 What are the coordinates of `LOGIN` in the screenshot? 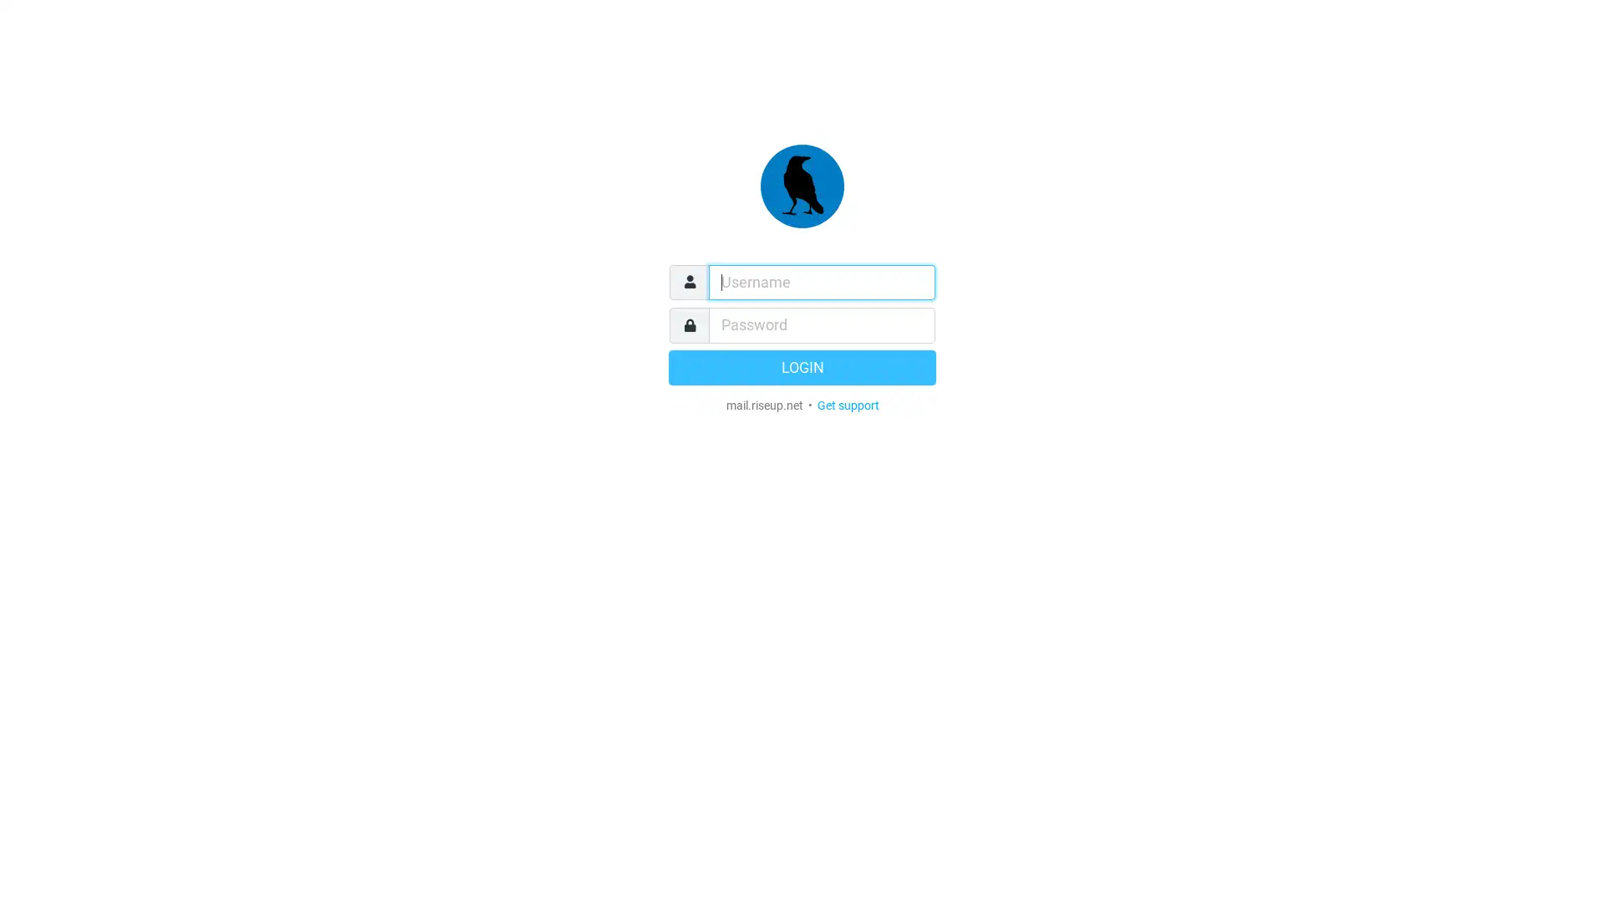 It's located at (802, 366).